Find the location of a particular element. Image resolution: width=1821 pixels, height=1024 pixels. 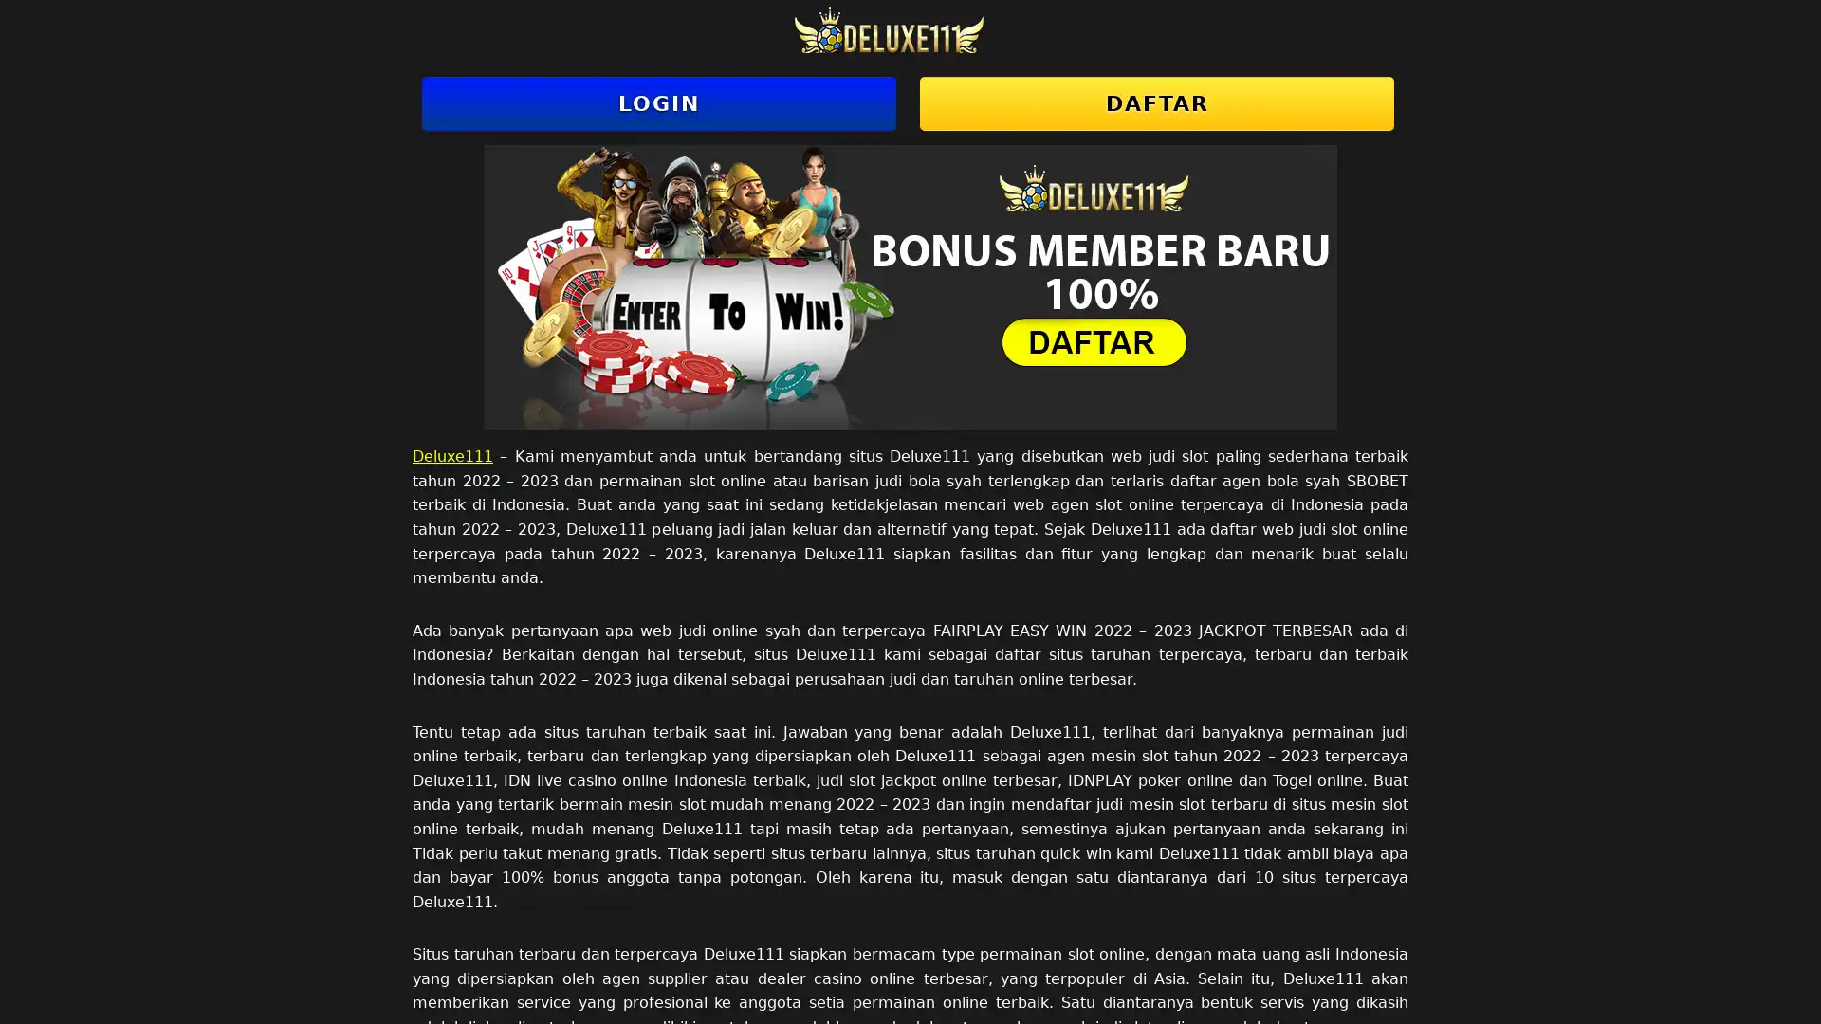

DAFTAR is located at coordinates (1155, 103).